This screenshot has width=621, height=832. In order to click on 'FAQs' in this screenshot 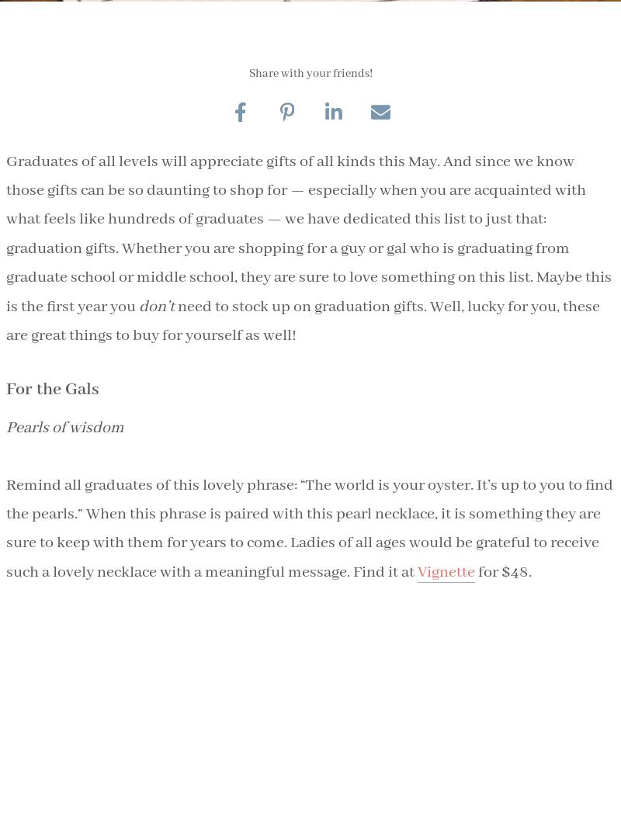, I will do `click(69, 581)`.